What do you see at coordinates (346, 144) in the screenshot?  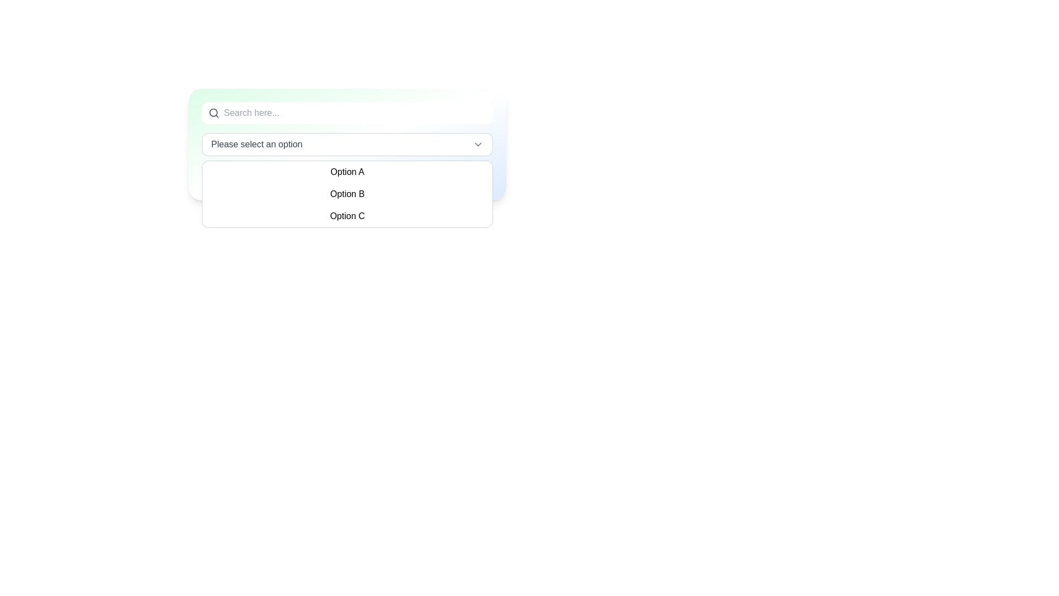 I see `the dropdown menu to make a selection from the available options (Option A, Option B, Option C)` at bounding box center [346, 144].